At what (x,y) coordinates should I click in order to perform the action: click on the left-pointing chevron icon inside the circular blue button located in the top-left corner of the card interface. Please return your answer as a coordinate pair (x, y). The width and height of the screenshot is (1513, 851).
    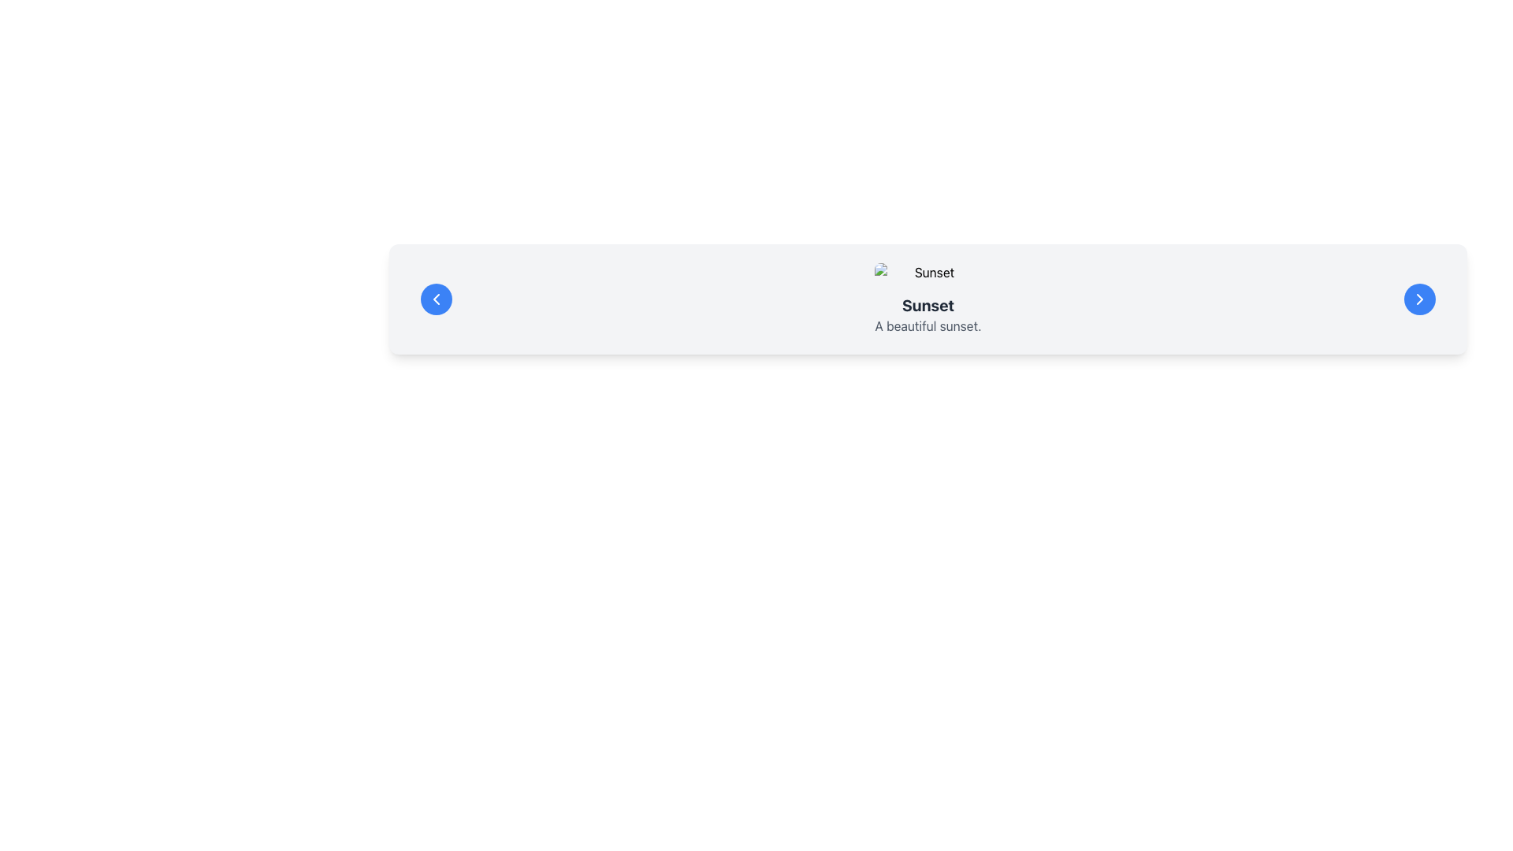
    Looking at the image, I should click on (436, 299).